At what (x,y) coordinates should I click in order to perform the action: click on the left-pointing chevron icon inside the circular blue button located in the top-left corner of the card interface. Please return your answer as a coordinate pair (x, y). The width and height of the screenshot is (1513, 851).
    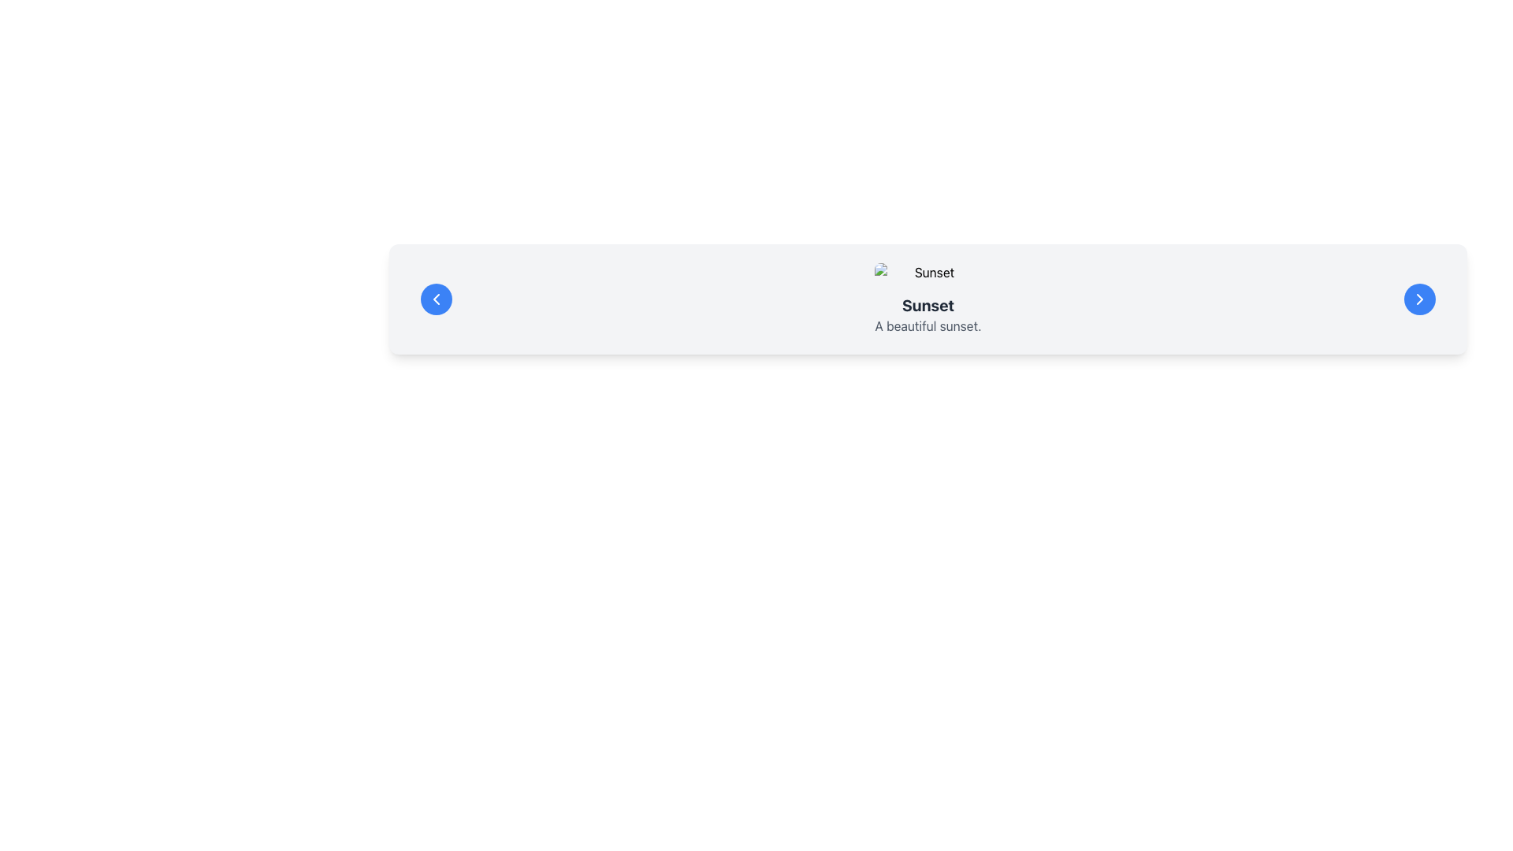
    Looking at the image, I should click on (436, 299).